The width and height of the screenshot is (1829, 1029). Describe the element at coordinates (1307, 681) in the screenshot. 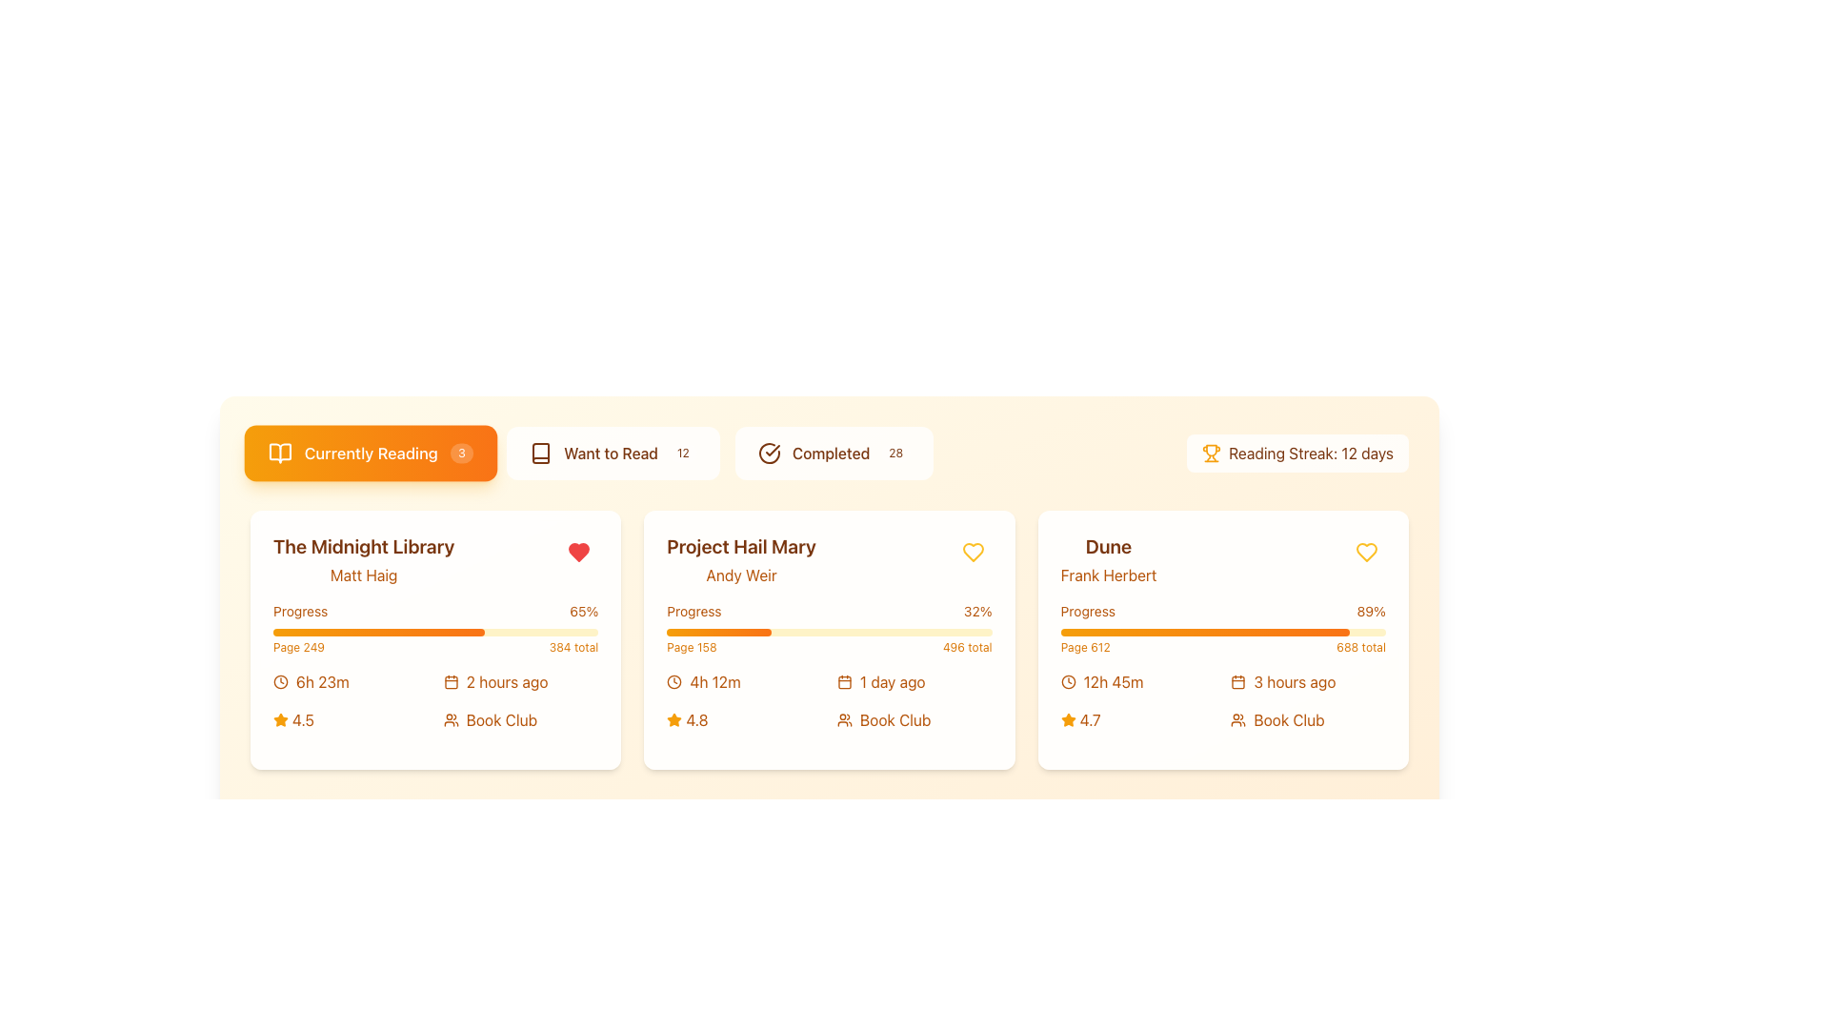

I see `the text element that indicates when the content was last updated, located within the details of the third card for the book 'Dune' by Frank Herbert, below the progress bar and to the right of the '12h 45m' text` at that location.